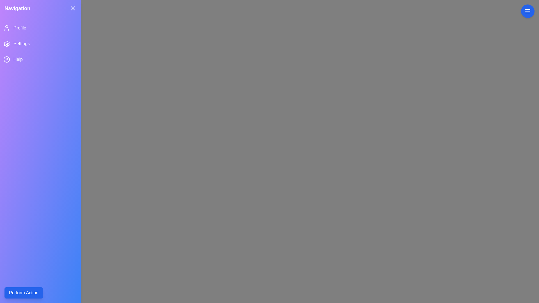  Describe the element at coordinates (72, 8) in the screenshot. I see `the close button located in the top-right corner of the navigation header bar next to the text 'Navigation'` at that location.